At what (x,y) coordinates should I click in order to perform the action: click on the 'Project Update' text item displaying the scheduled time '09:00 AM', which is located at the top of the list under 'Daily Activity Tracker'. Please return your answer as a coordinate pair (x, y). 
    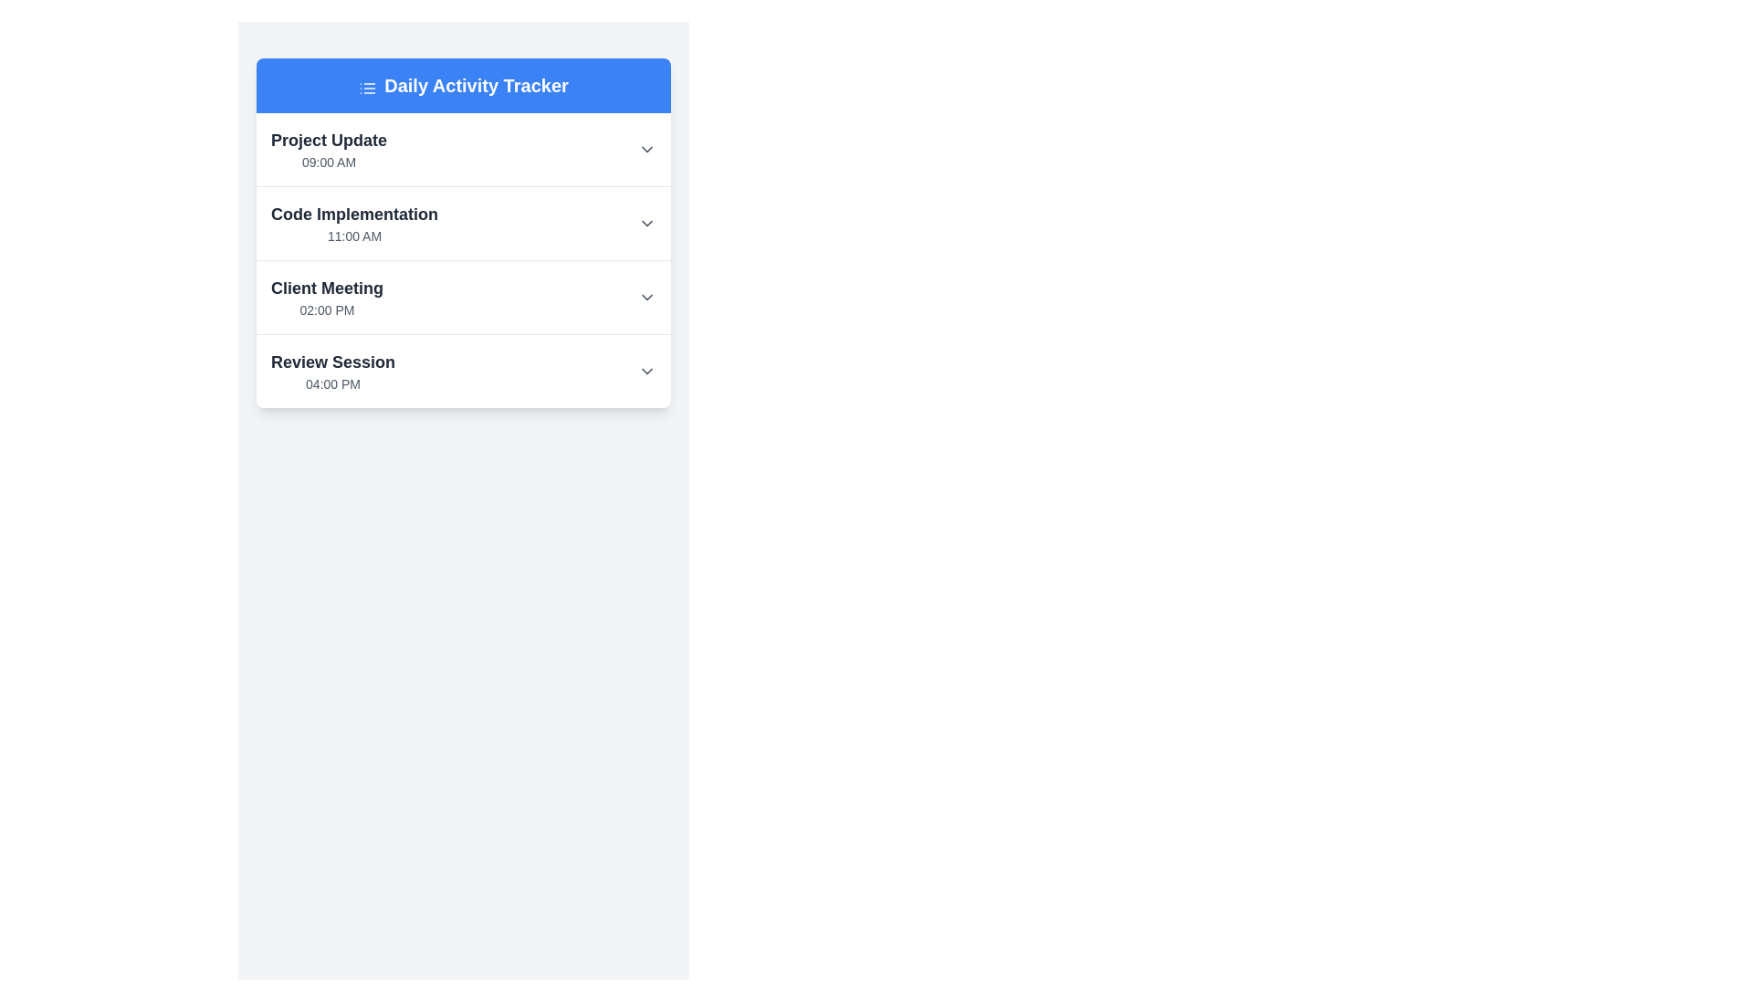
    Looking at the image, I should click on (329, 149).